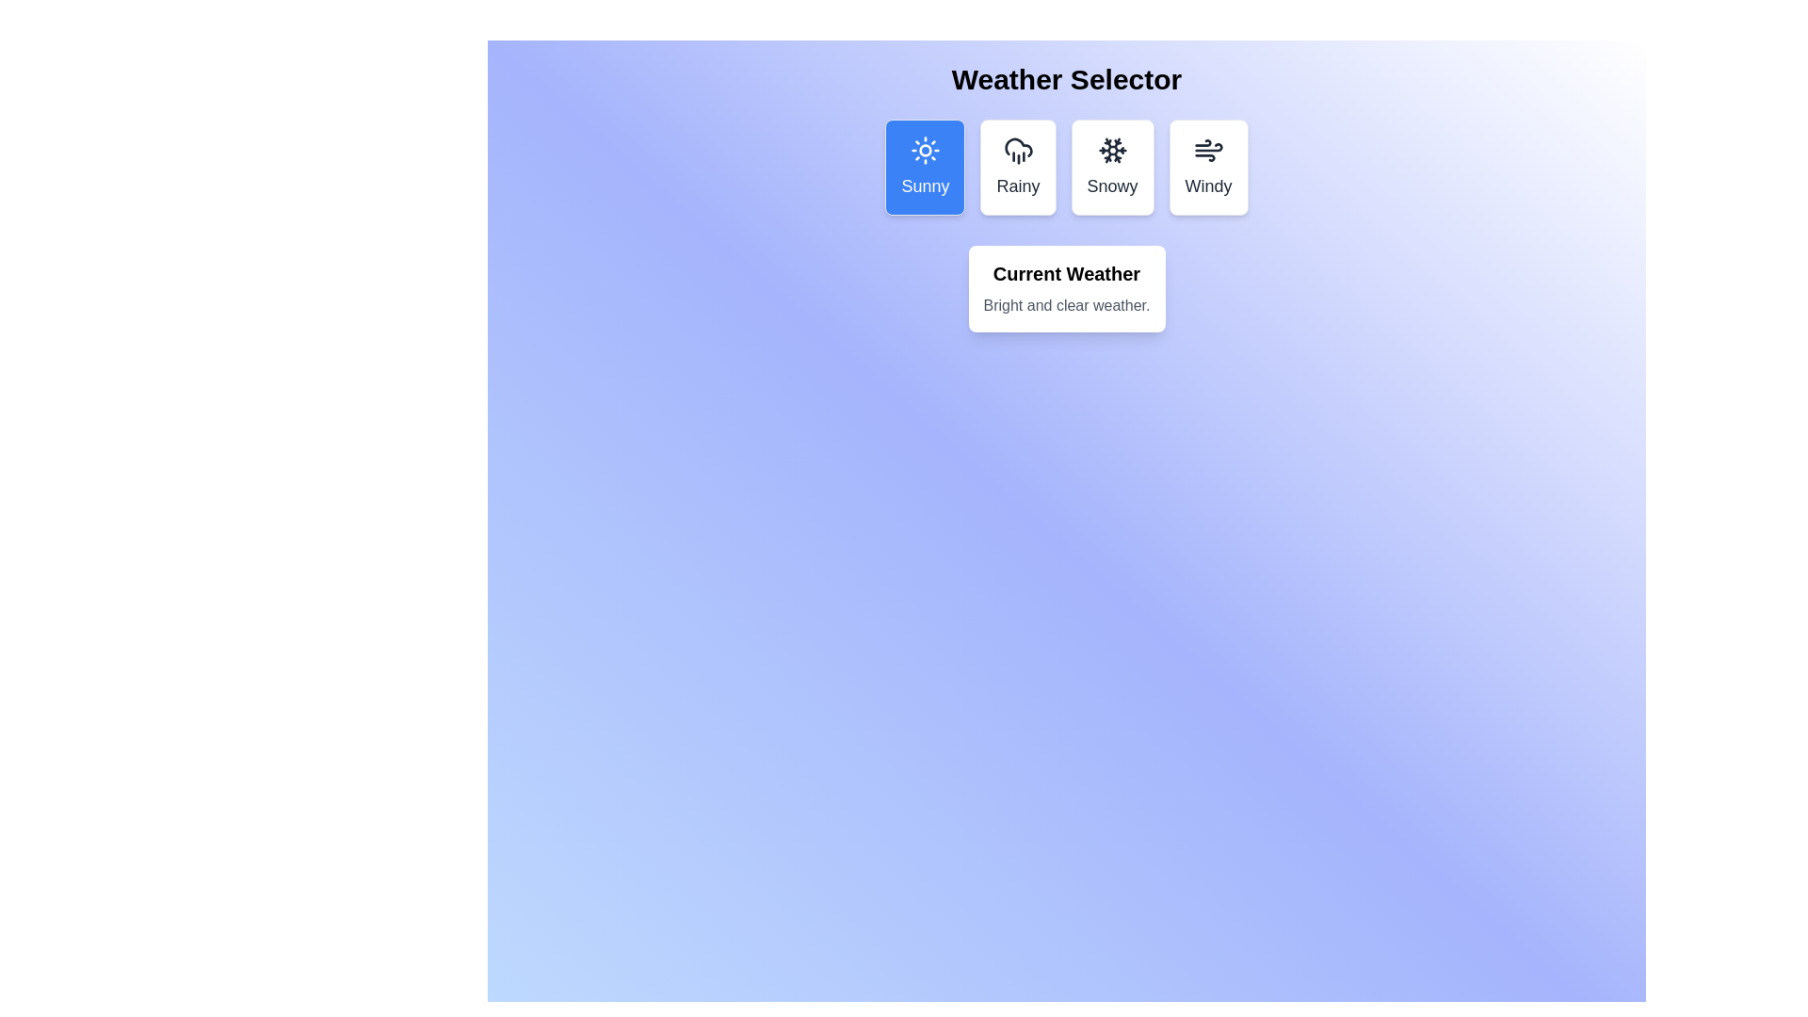 This screenshot has height=1017, width=1808. What do you see at coordinates (1207, 166) in the screenshot?
I see `the weather option Windy by clicking on the respective button` at bounding box center [1207, 166].